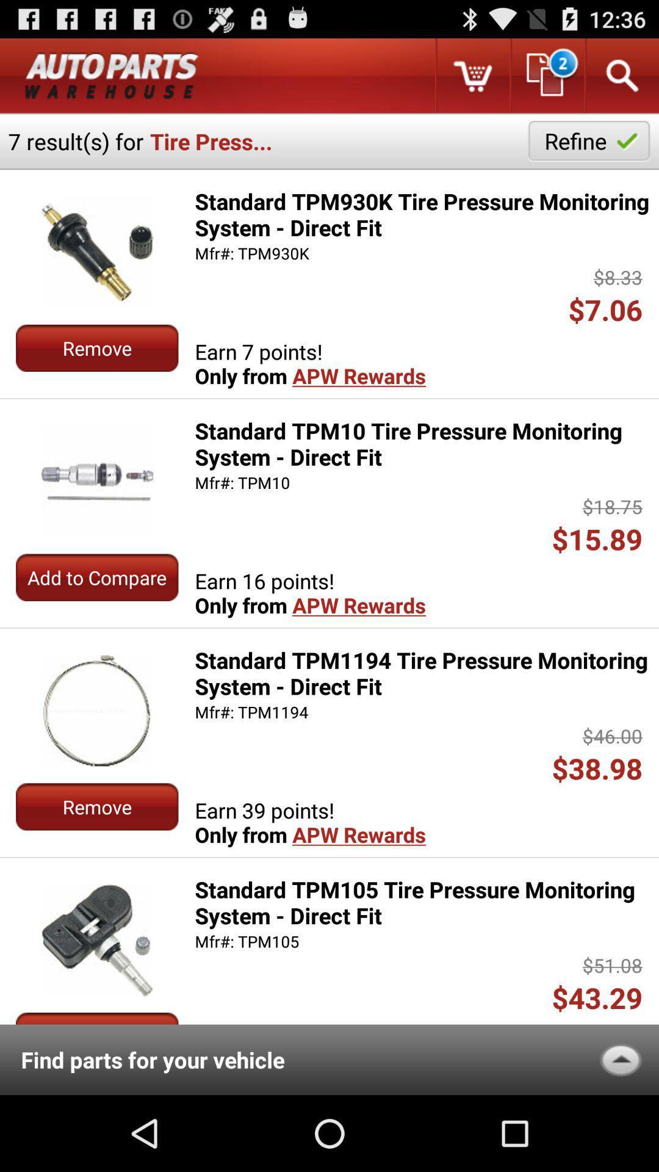 The image size is (659, 1172). Describe the element at coordinates (472, 75) in the screenshot. I see `cart` at that location.